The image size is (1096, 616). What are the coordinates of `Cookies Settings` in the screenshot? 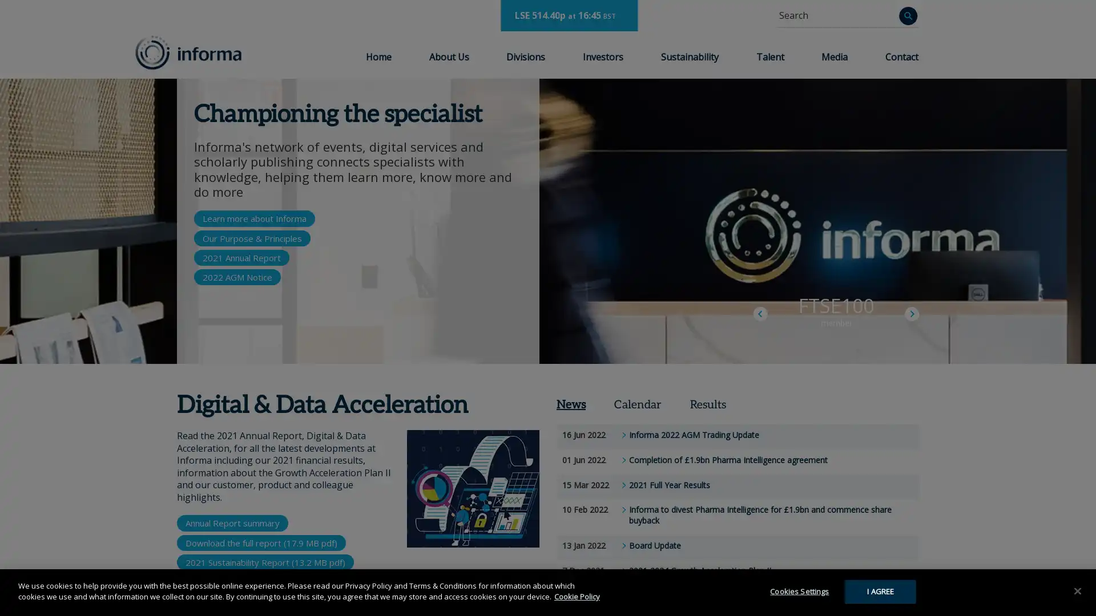 It's located at (799, 591).